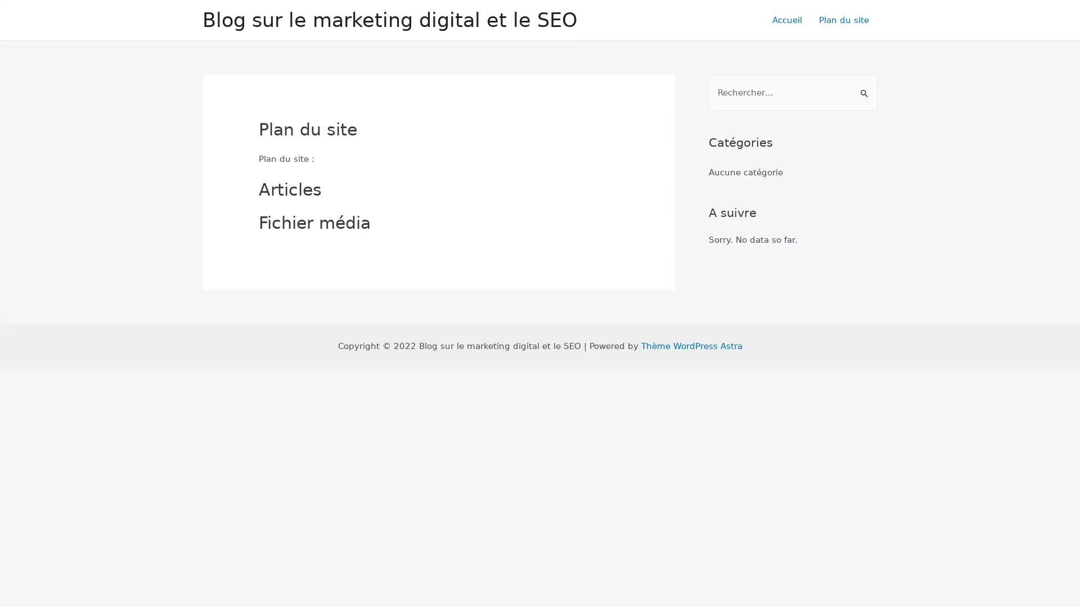 This screenshot has height=607, width=1080. What do you see at coordinates (863, 93) in the screenshot?
I see `Envoi de la recherche` at bounding box center [863, 93].